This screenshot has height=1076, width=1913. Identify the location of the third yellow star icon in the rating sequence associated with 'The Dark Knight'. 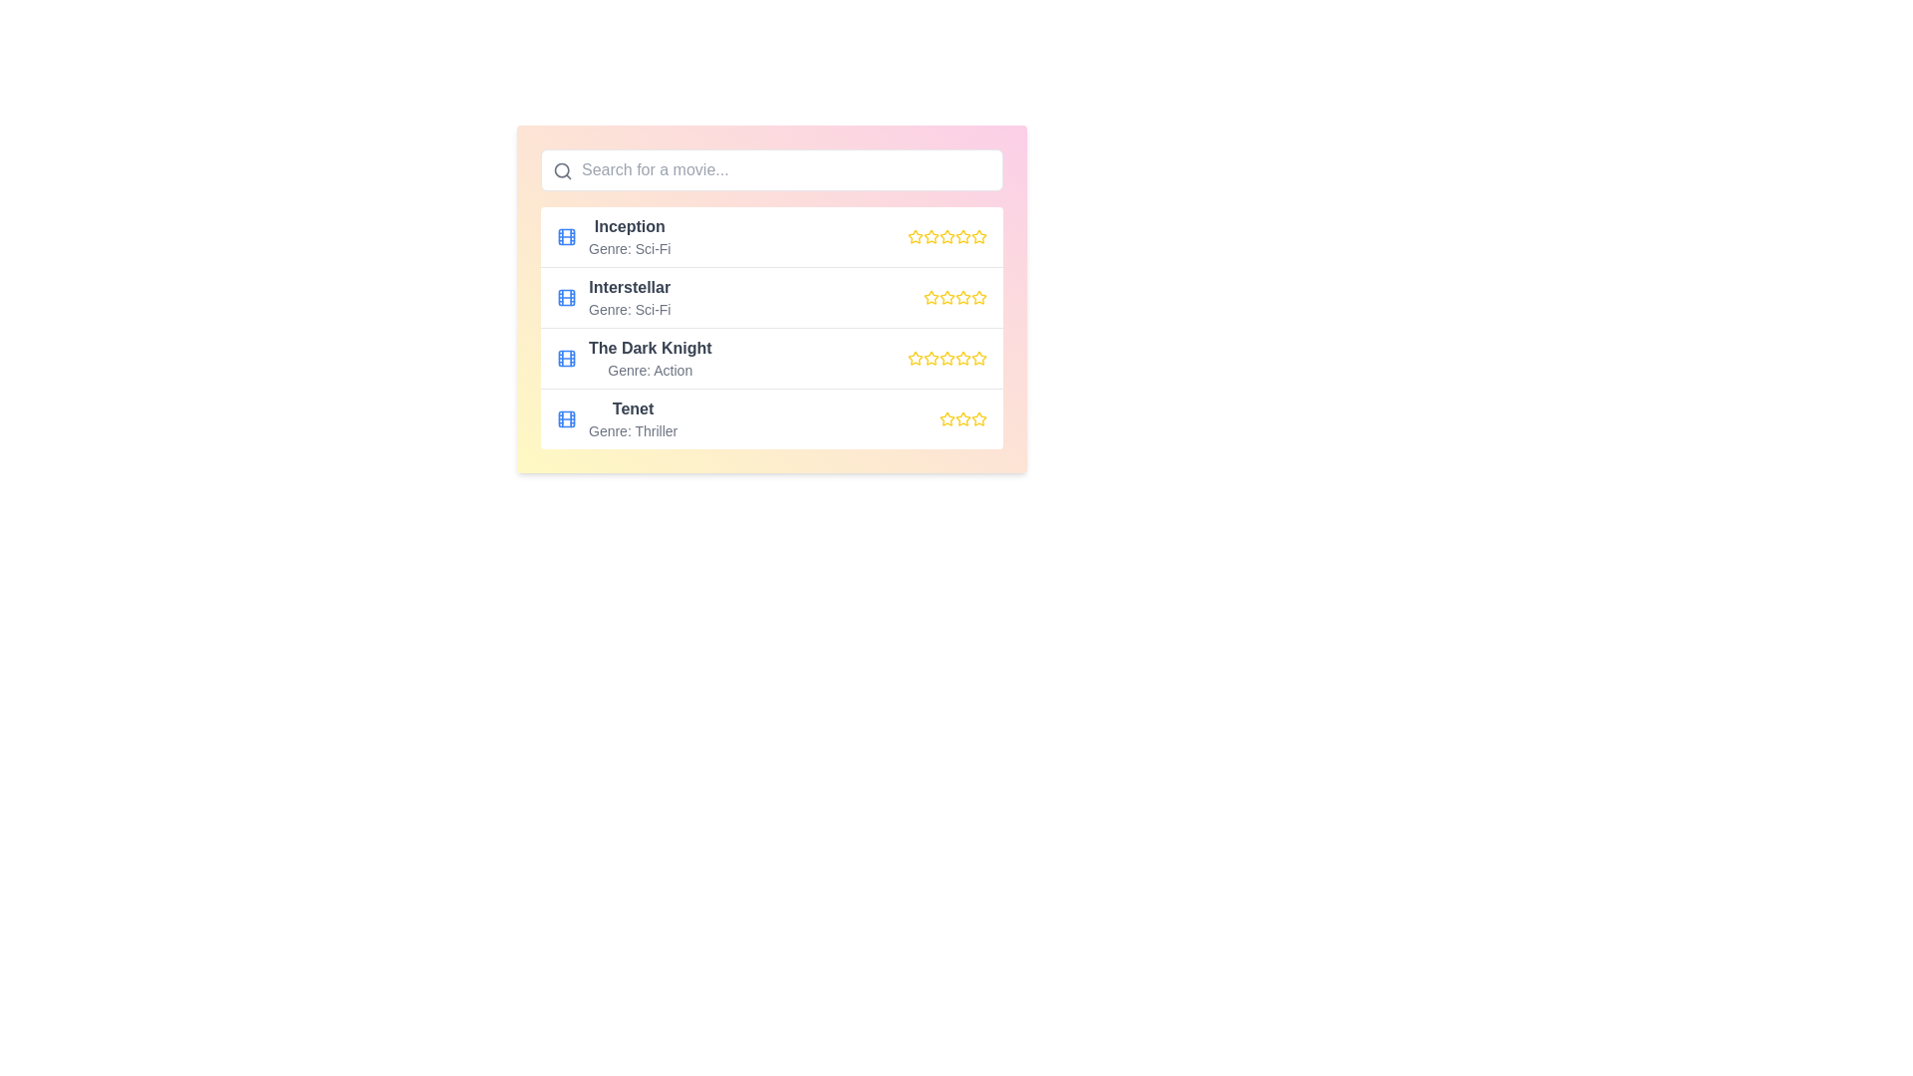
(946, 357).